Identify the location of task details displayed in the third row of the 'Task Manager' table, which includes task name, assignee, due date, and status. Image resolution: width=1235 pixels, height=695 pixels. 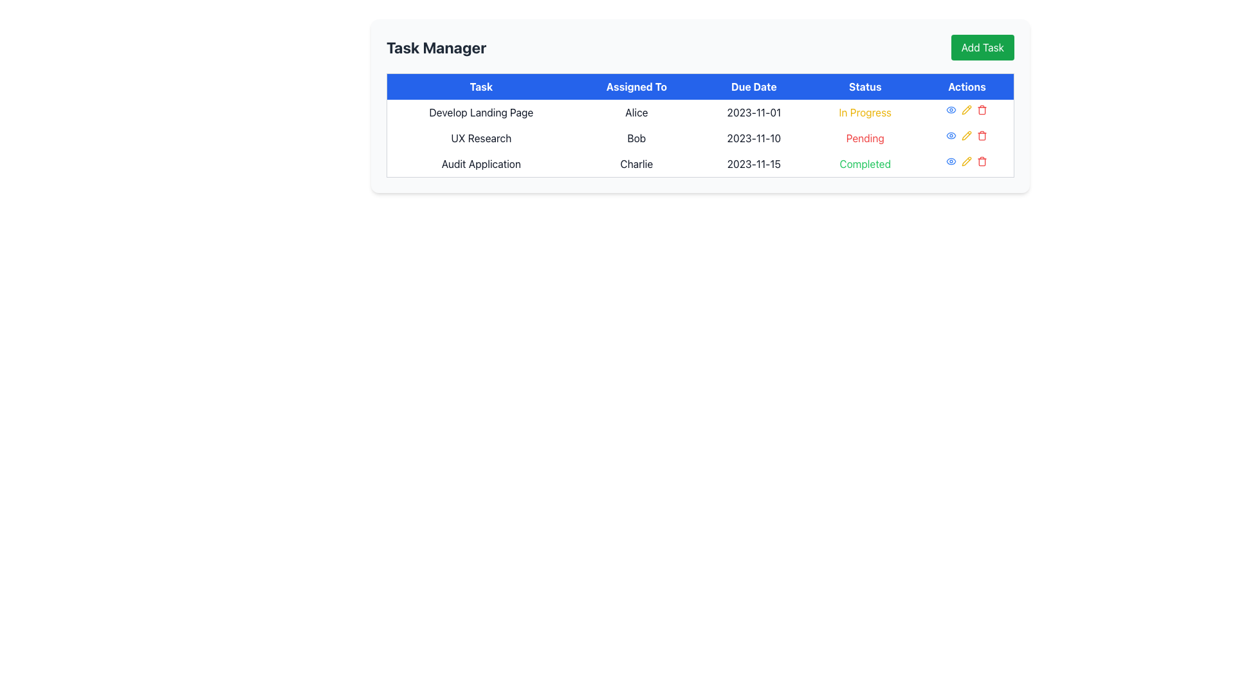
(700, 163).